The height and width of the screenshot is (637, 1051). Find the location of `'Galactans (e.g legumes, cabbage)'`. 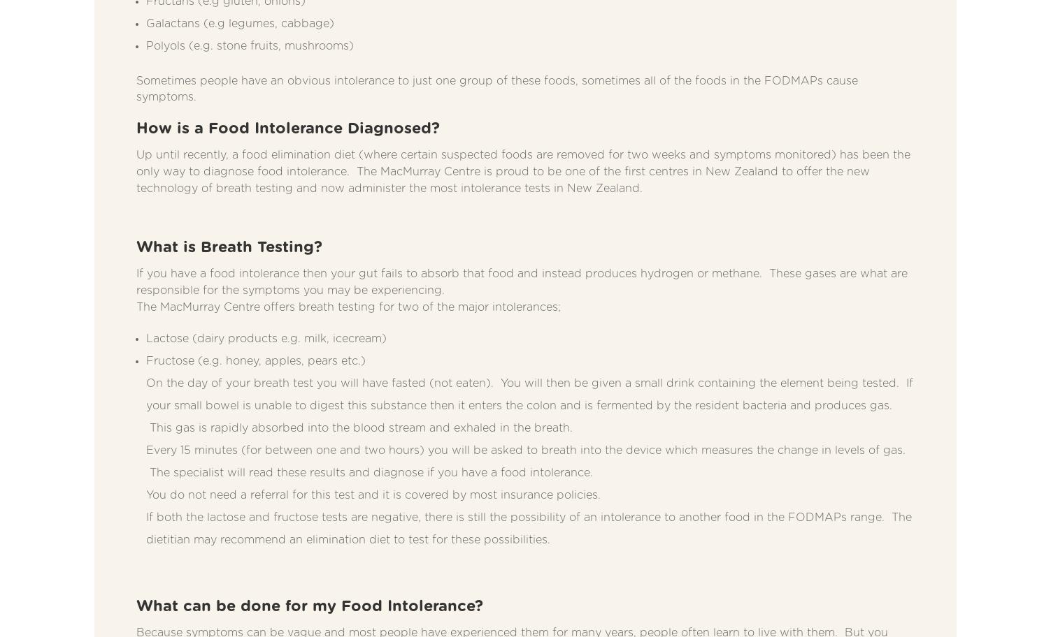

'Galactans (e.g legumes, cabbage)' is located at coordinates (240, 23).